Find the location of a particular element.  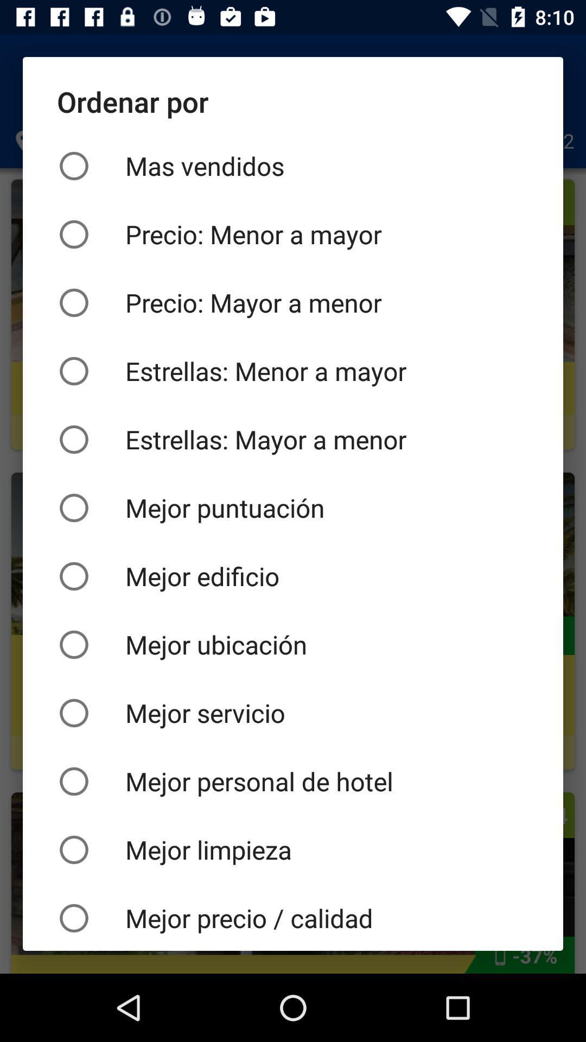

the icon below ordenar por item is located at coordinates (293, 166).